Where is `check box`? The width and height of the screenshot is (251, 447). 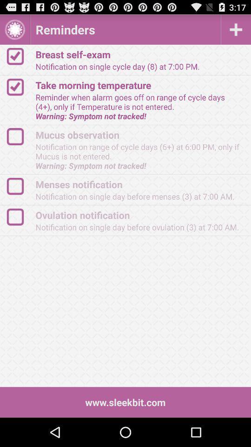
check box is located at coordinates (20, 56).